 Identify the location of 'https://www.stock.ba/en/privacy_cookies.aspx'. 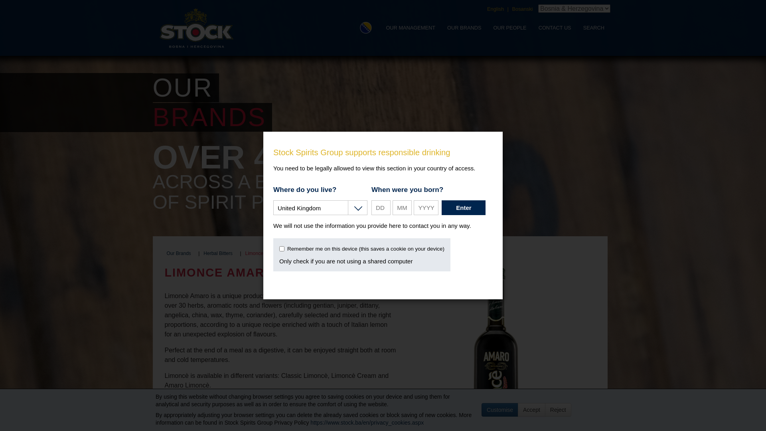
(367, 422).